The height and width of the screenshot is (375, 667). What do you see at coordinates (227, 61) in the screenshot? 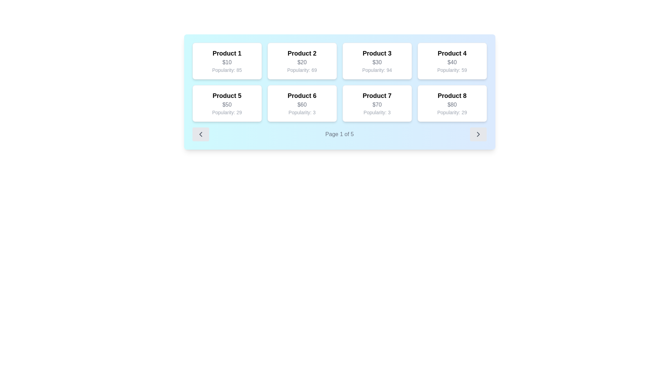
I see `the product information card located in the first column of the grid structure, which displays details about the product such as its name, price, and popularity` at bounding box center [227, 61].